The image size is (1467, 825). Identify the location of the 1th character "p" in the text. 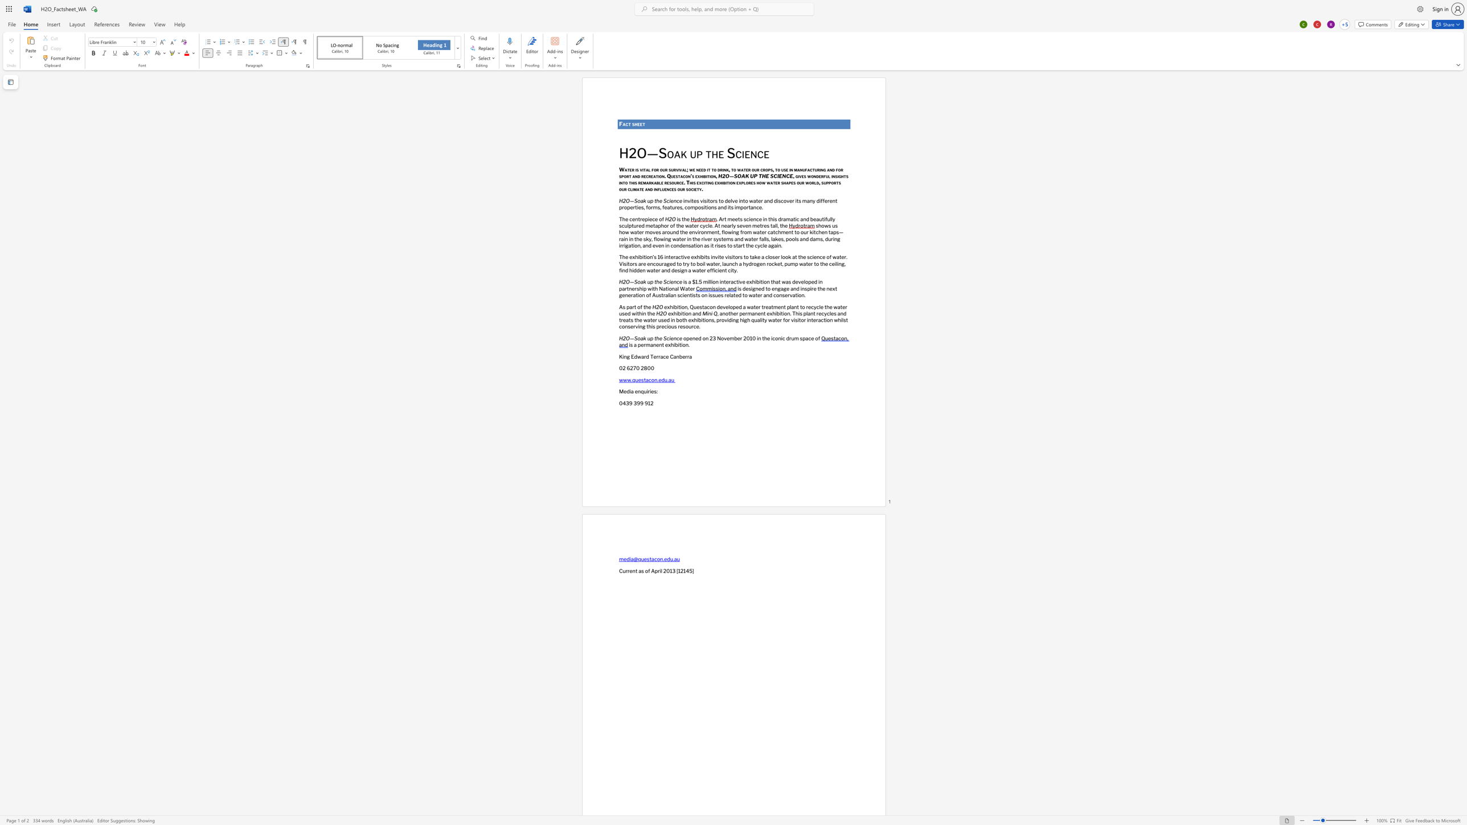
(651, 337).